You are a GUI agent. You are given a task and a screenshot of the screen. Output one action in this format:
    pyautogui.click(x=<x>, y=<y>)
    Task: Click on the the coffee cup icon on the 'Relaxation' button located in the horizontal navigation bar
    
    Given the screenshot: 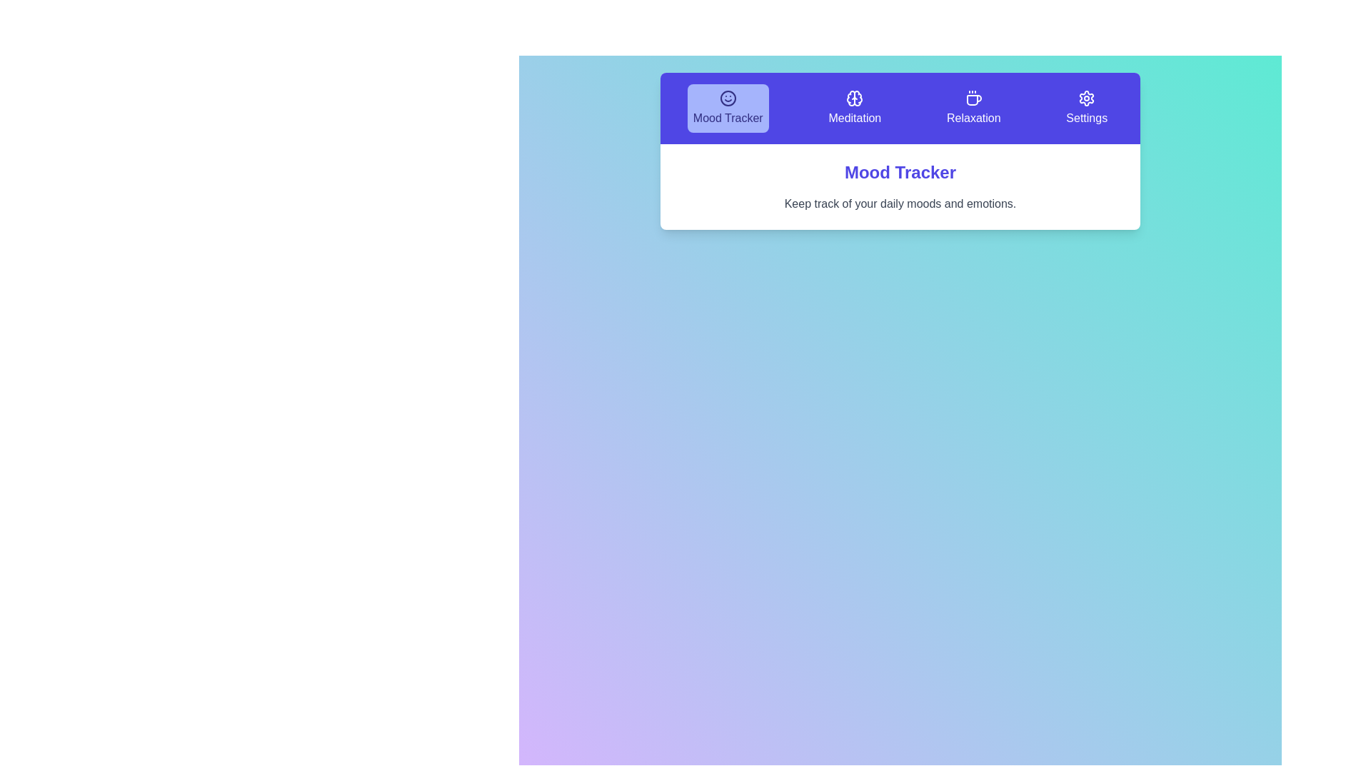 What is the action you would take?
    pyautogui.click(x=973, y=98)
    